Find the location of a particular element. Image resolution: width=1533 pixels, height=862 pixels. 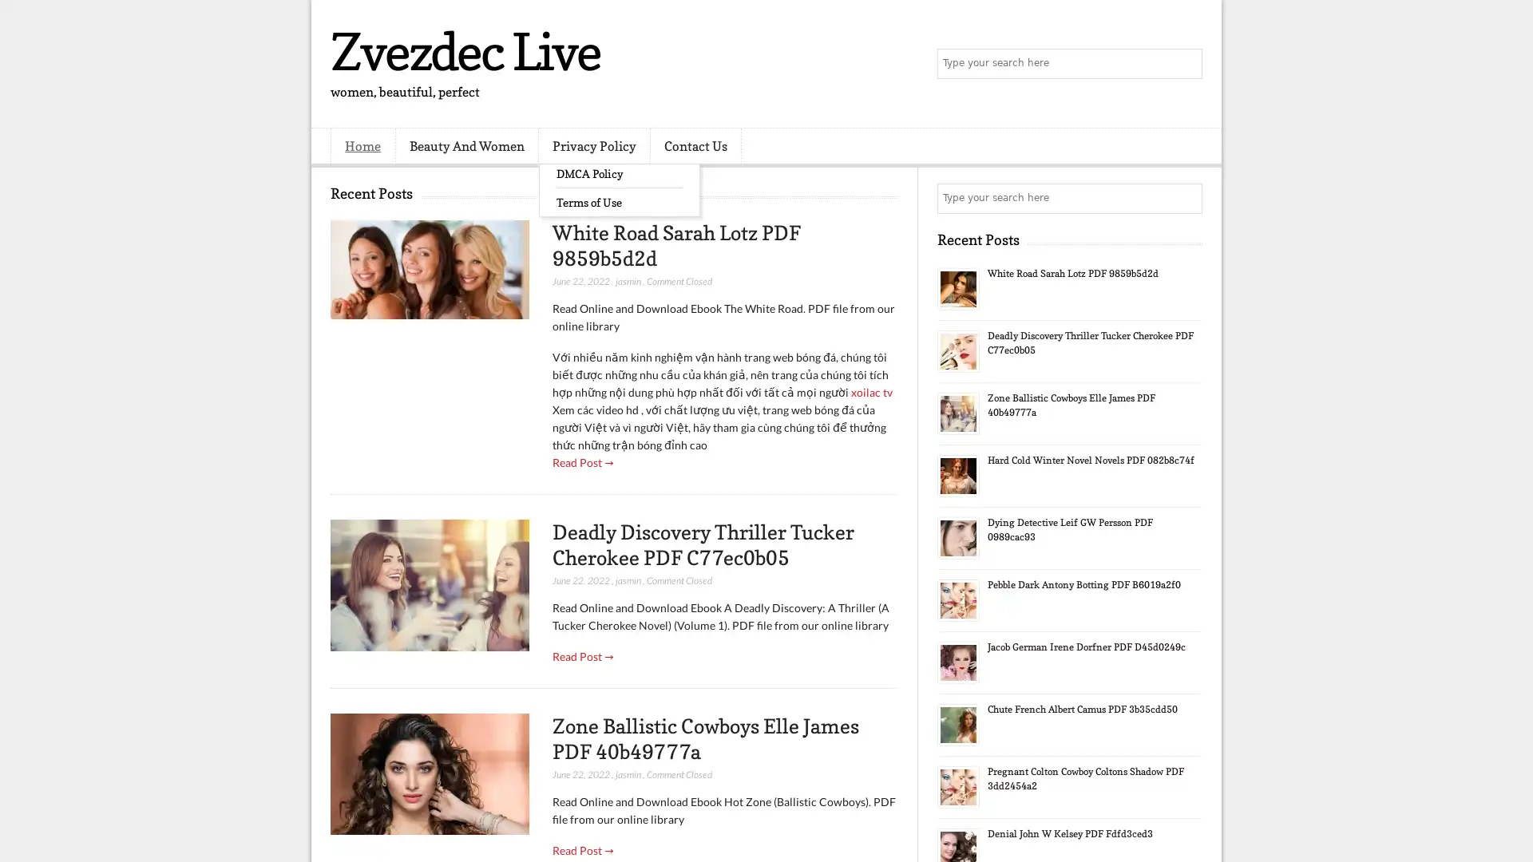

Search is located at coordinates (1186, 64).